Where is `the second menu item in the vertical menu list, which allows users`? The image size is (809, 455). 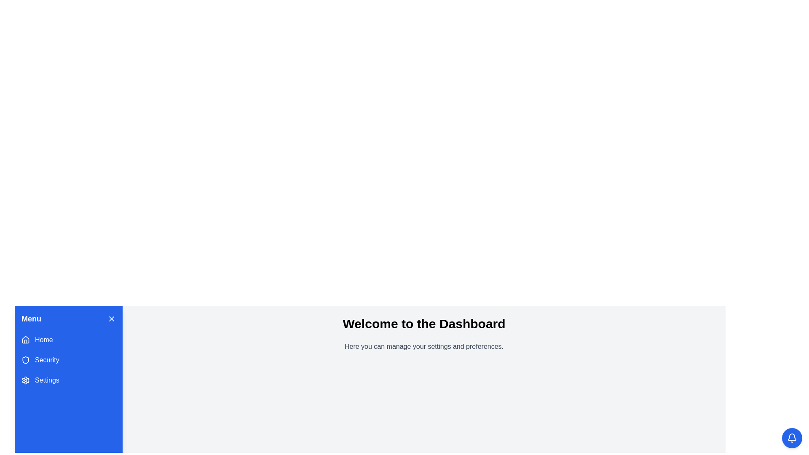
the second menu item in the vertical menu list, which allows users is located at coordinates (69, 360).